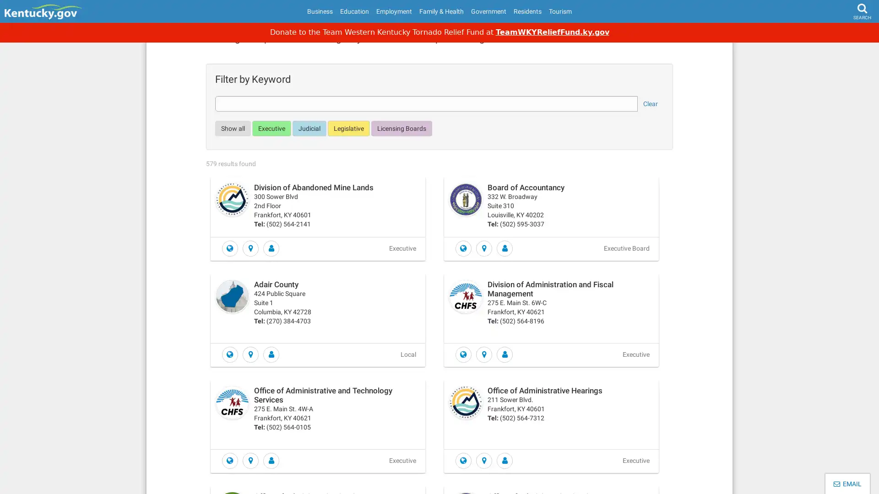  What do you see at coordinates (233, 129) in the screenshot?
I see `Show all` at bounding box center [233, 129].